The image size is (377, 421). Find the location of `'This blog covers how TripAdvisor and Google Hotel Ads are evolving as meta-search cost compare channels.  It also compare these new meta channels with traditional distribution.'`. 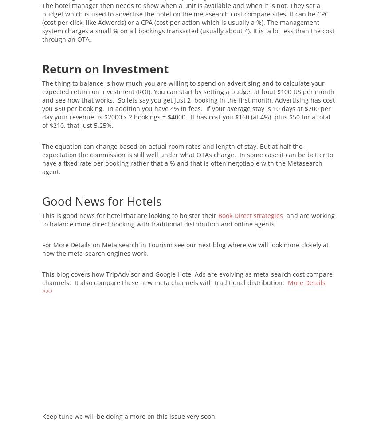

'This blog covers how TripAdvisor and Google Hotel Ads are evolving as meta-search cost compare channels.  It also compare these new meta channels with traditional distribution.' is located at coordinates (42, 278).